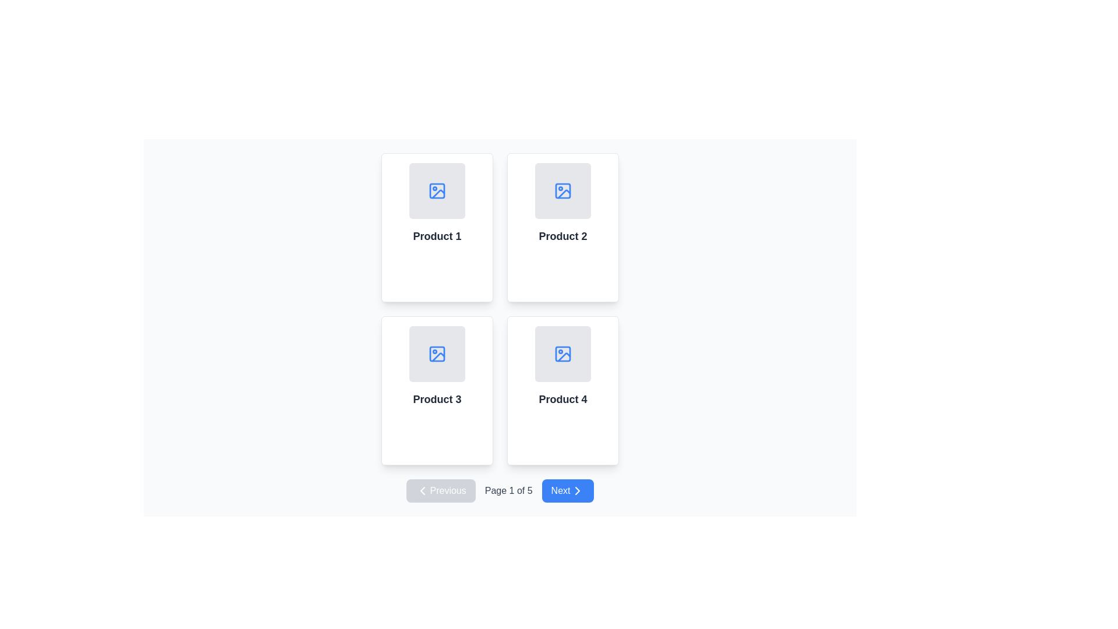  I want to click on the 'Next' button located at the bottom right of the interface, which has a vibrant blue background, white text, and a right-facing chevron icon, so click(567, 491).